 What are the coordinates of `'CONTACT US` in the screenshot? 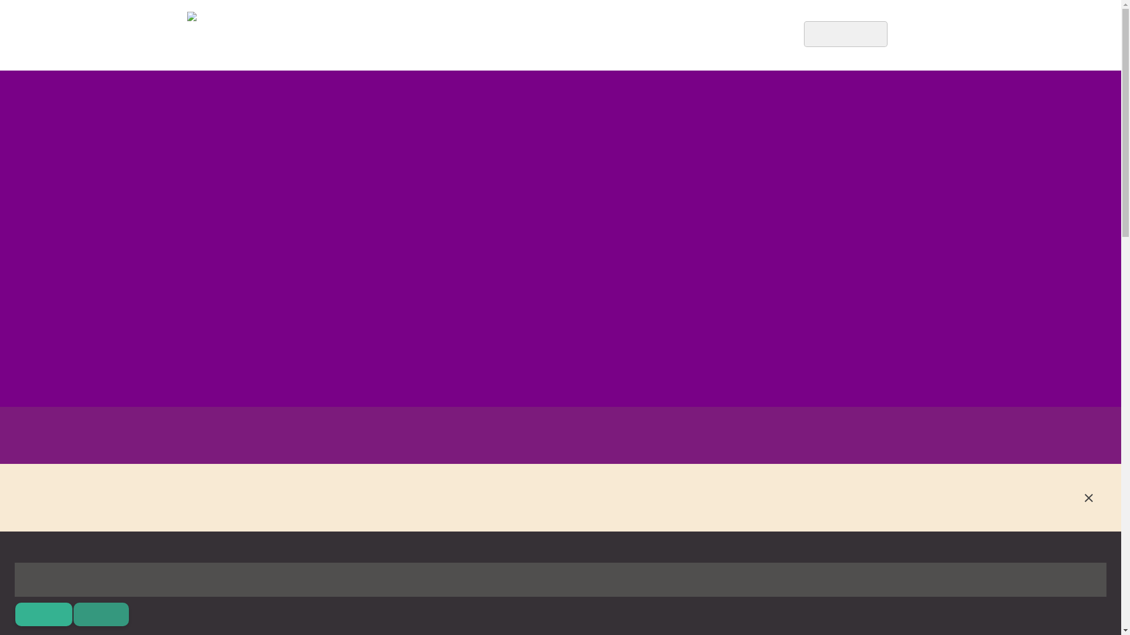 It's located at (592, 35).